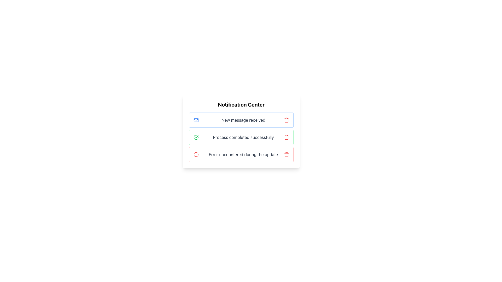 This screenshot has height=282, width=502. What do you see at coordinates (243, 120) in the screenshot?
I see `the text label that says 'New message received', which is centrally located within the first notification item in the notification center` at bounding box center [243, 120].